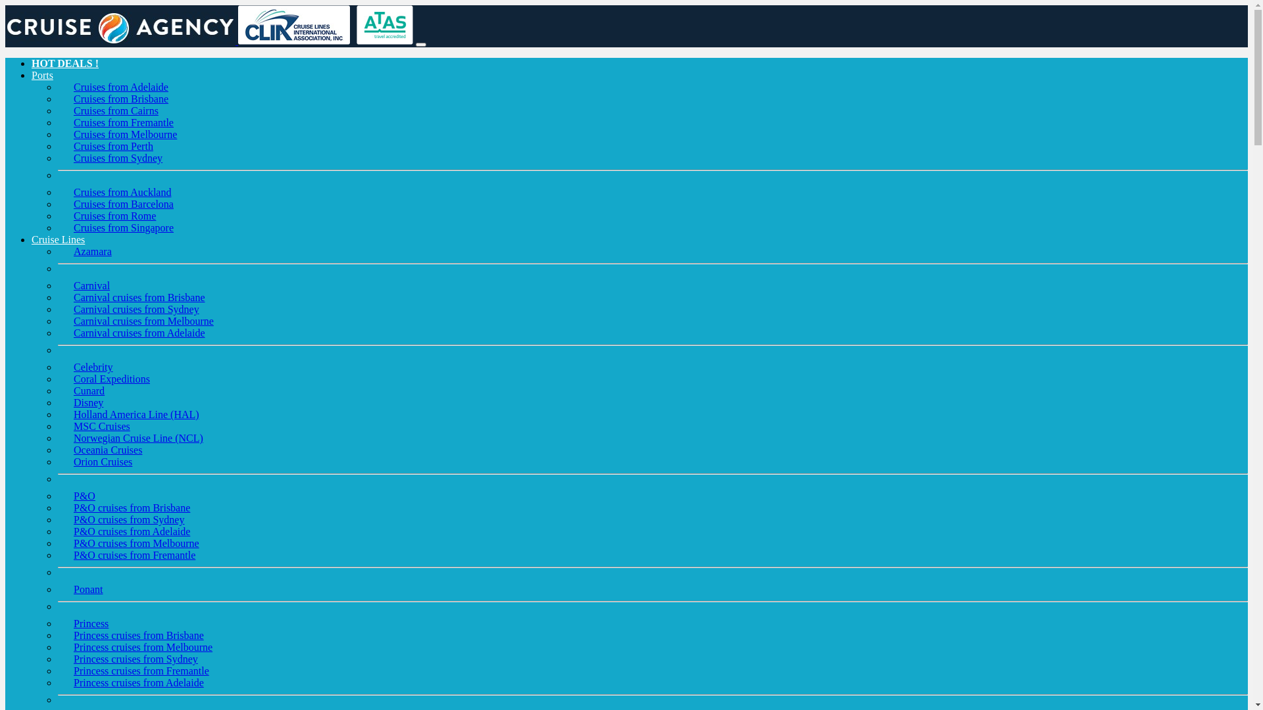 The image size is (1263, 710). Describe the element at coordinates (134, 555) in the screenshot. I see `'P&O cruises from Fremantle'` at that location.